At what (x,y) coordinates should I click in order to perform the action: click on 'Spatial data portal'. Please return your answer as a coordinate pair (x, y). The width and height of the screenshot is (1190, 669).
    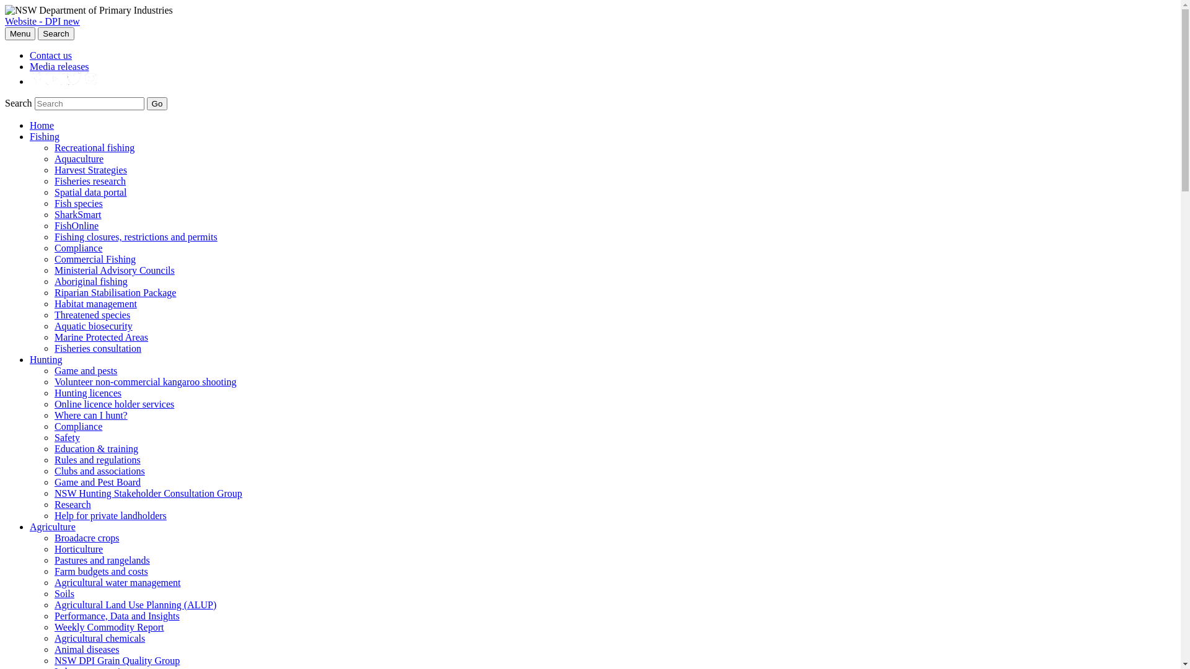
    Looking at the image, I should click on (89, 192).